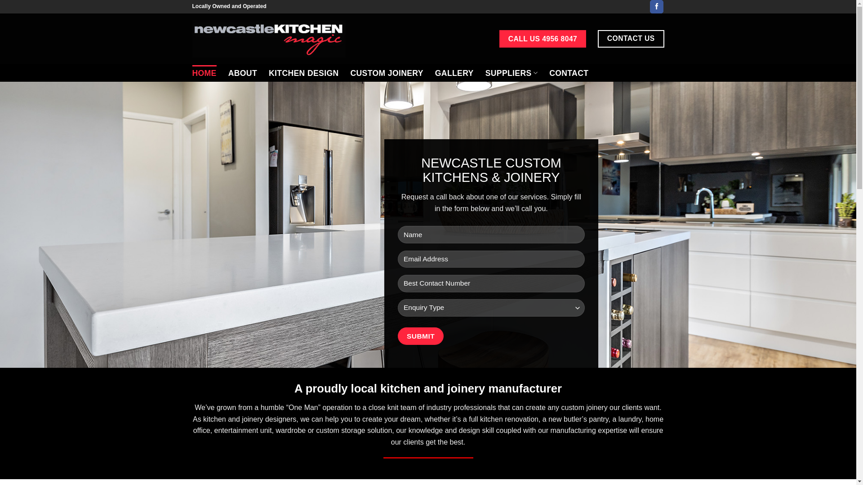 The width and height of the screenshot is (863, 485). Describe the element at coordinates (204, 72) in the screenshot. I see `'HOME'` at that location.